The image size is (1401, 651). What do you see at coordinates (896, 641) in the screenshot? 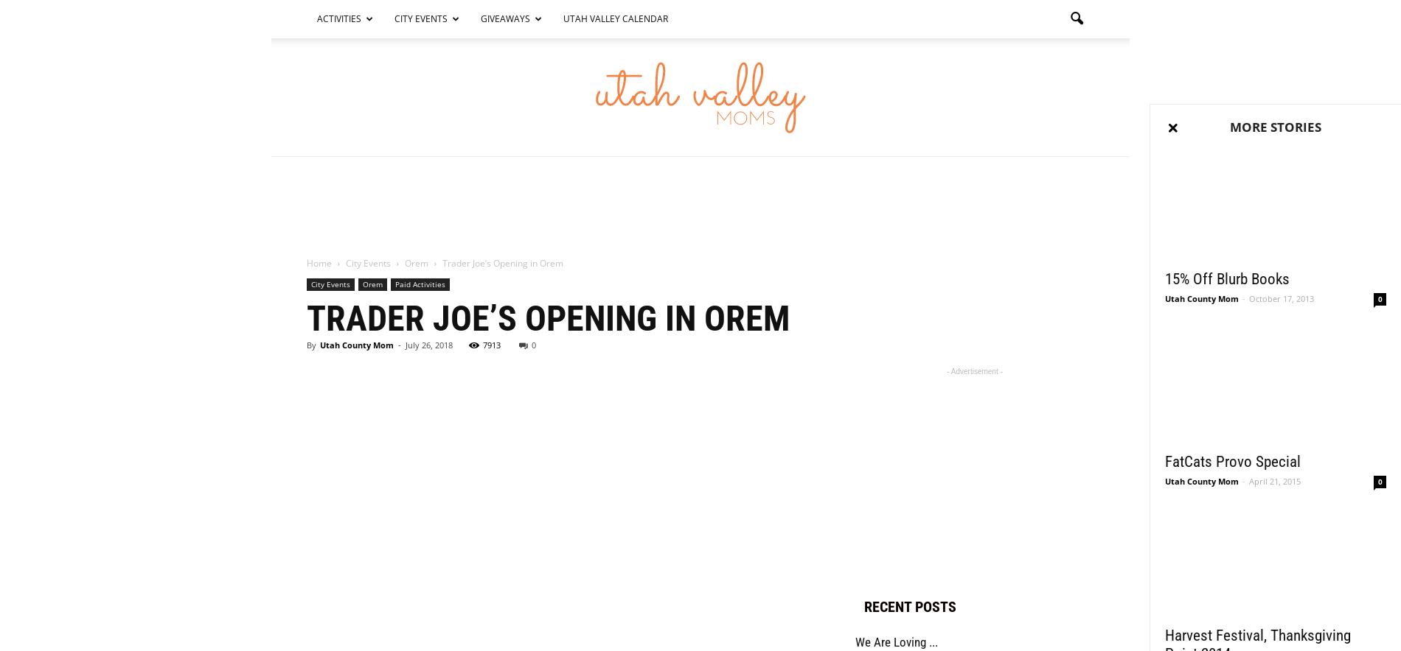
I see `'We Are Loving ...'` at bounding box center [896, 641].